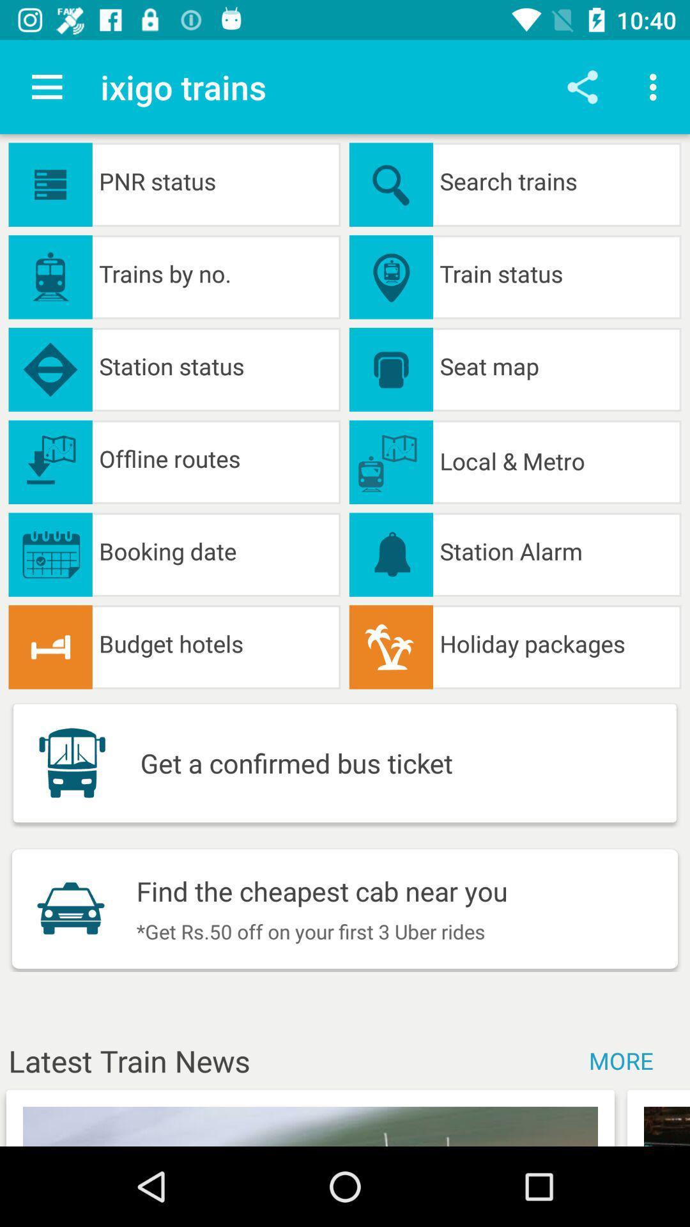  What do you see at coordinates (582, 86) in the screenshot?
I see `icon above the search trains icon` at bounding box center [582, 86].